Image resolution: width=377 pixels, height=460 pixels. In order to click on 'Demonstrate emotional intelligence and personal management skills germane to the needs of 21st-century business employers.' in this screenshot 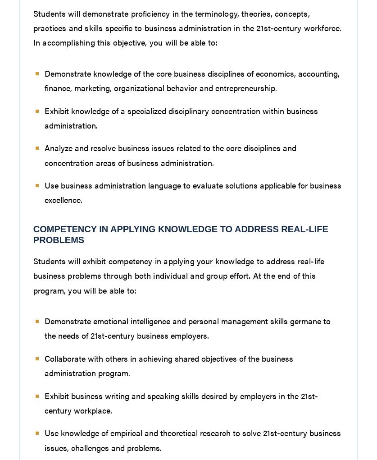, I will do `click(187, 328)`.